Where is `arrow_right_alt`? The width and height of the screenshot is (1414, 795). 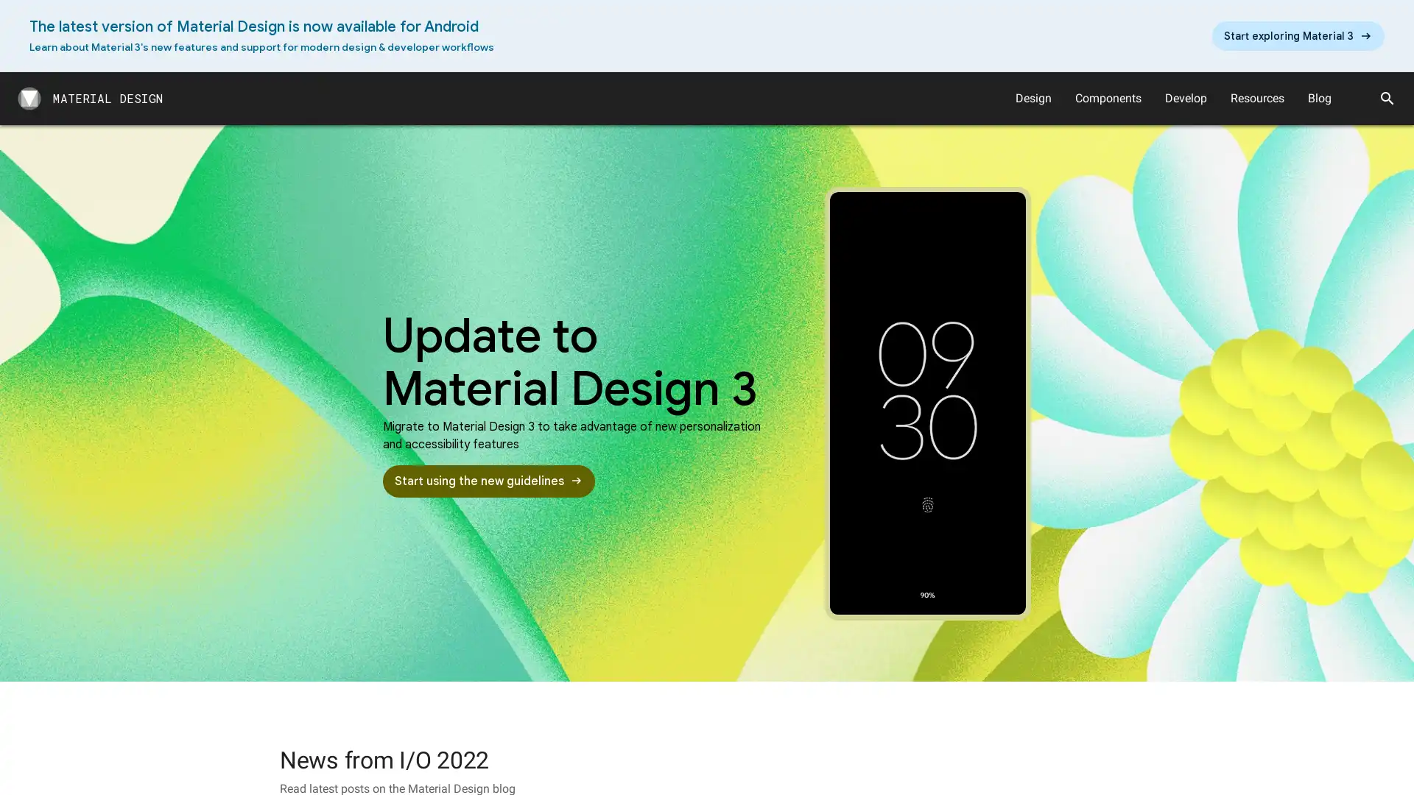 arrow_right_alt is located at coordinates (1298, 35).